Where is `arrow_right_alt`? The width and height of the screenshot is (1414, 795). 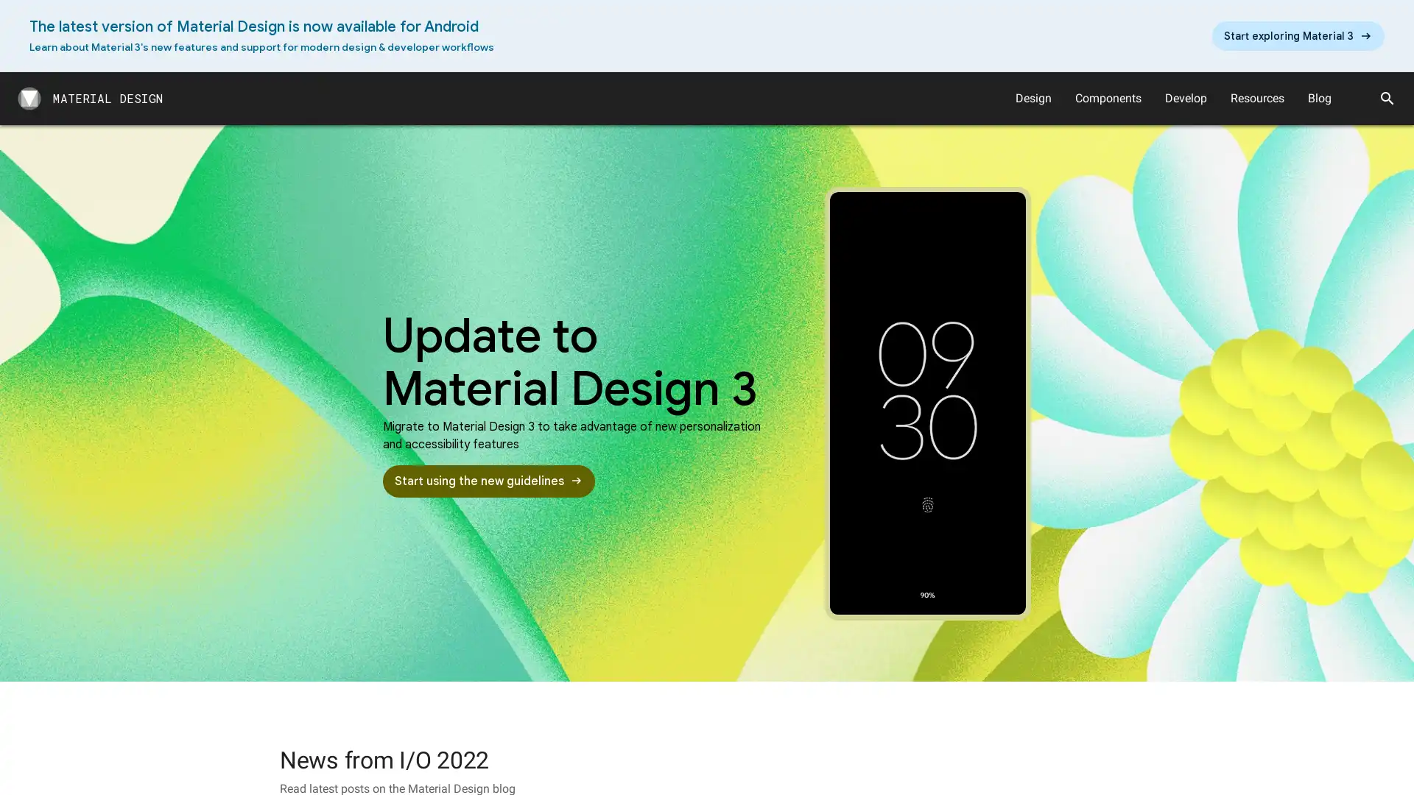 arrow_right_alt is located at coordinates (1298, 35).